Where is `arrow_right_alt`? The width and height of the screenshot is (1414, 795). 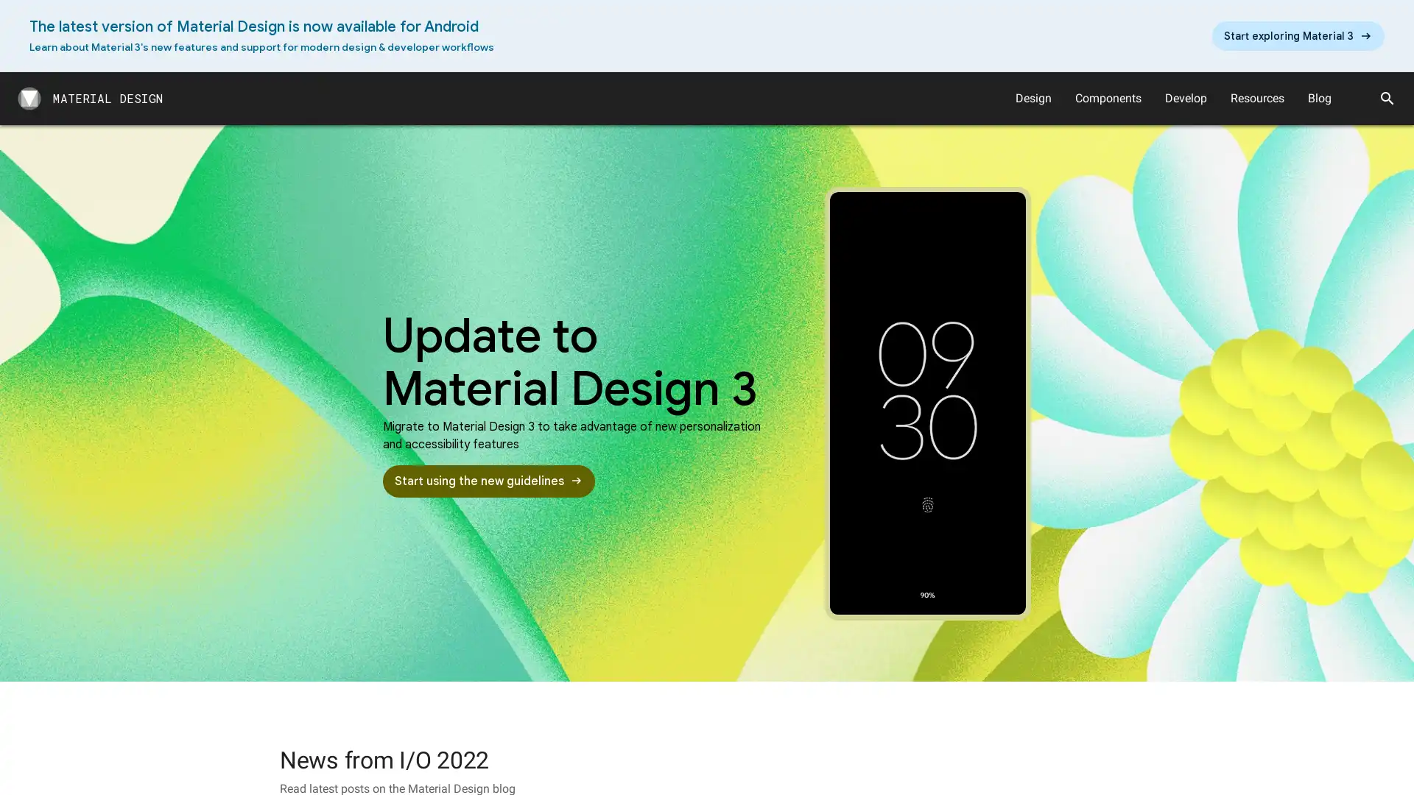 arrow_right_alt is located at coordinates (1298, 35).